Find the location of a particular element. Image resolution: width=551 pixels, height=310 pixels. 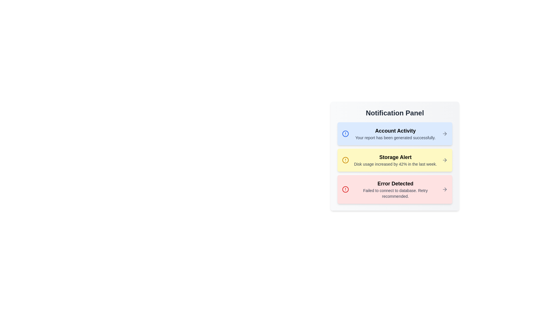

the arrow icon corresponding to the notification 3 is located at coordinates (445, 189).